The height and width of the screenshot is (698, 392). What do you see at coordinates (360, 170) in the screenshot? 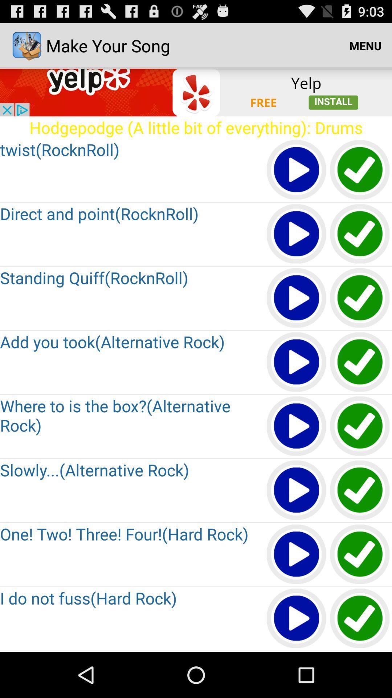
I see `choose track` at bounding box center [360, 170].